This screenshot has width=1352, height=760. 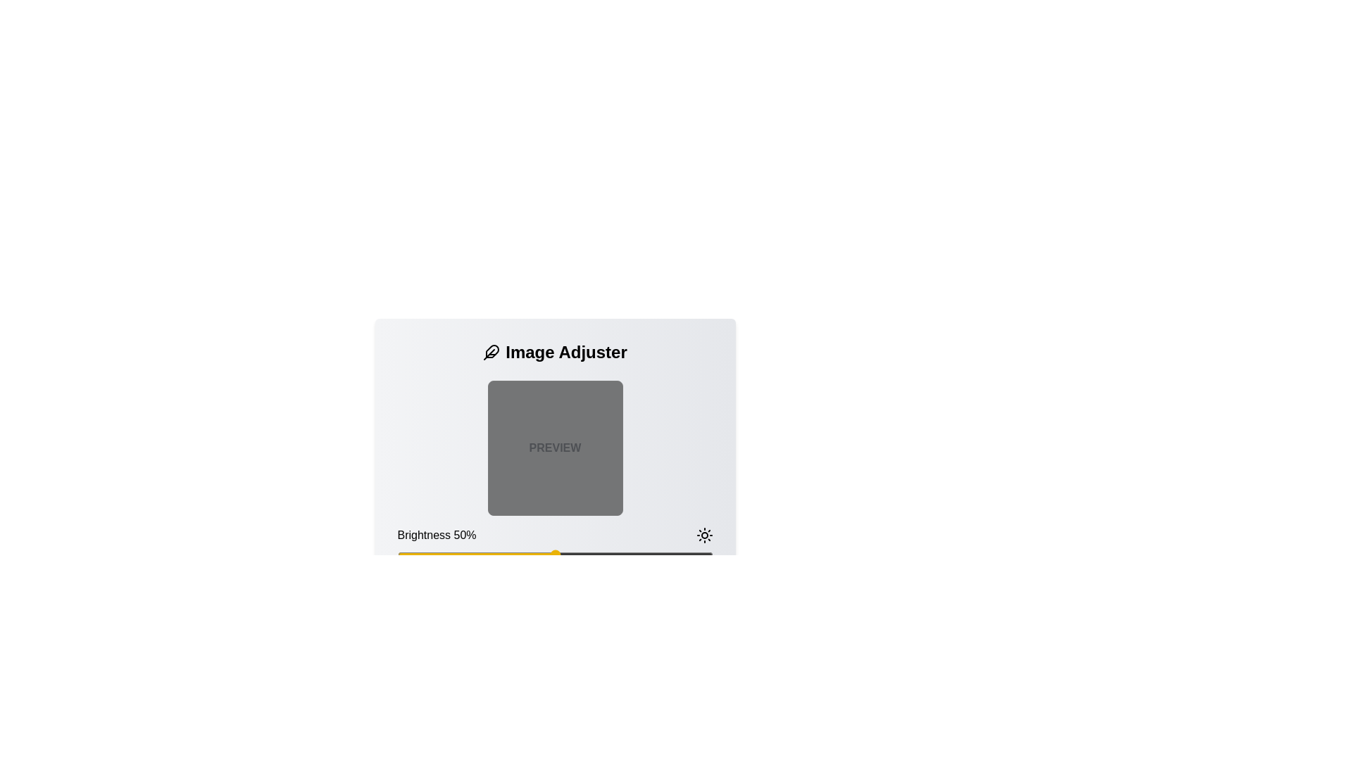 I want to click on the decorative icon featuring a stylized feather quill, which is a vector graphic drawn with thin black lines, located in the top-left corner of the interface, so click(x=492, y=350).